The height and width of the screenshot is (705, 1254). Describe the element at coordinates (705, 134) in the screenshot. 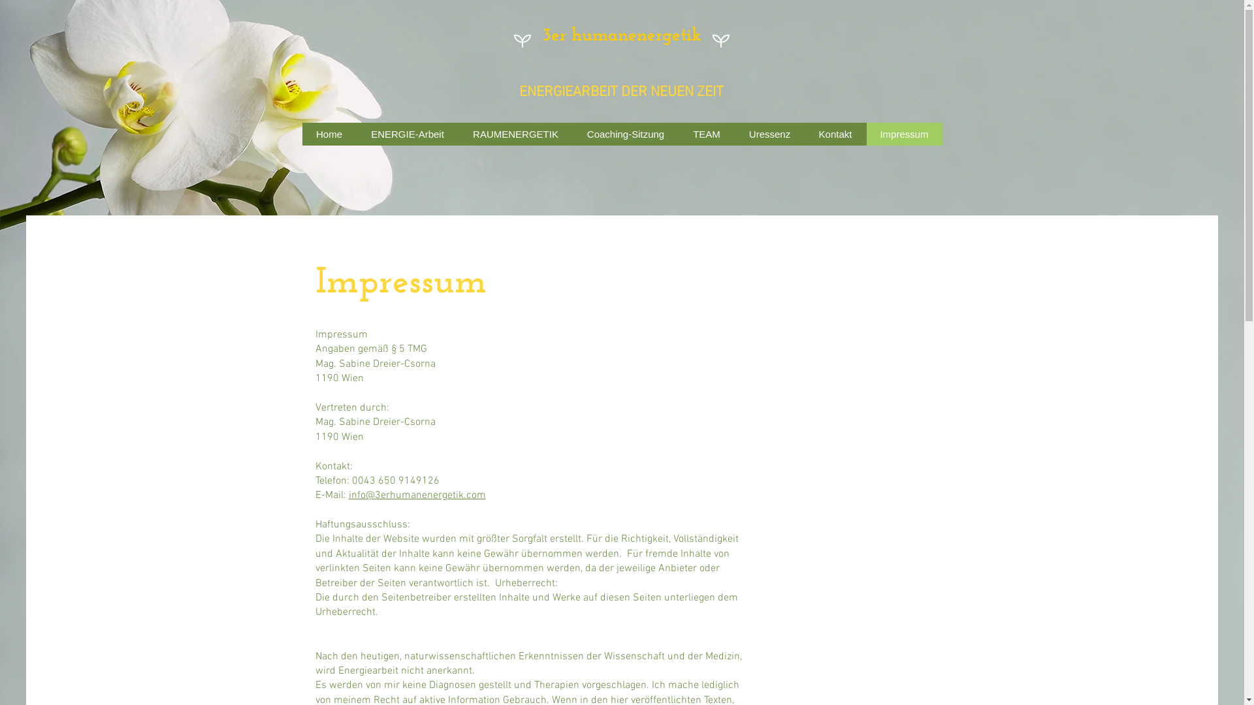

I see `'TEAM'` at that location.